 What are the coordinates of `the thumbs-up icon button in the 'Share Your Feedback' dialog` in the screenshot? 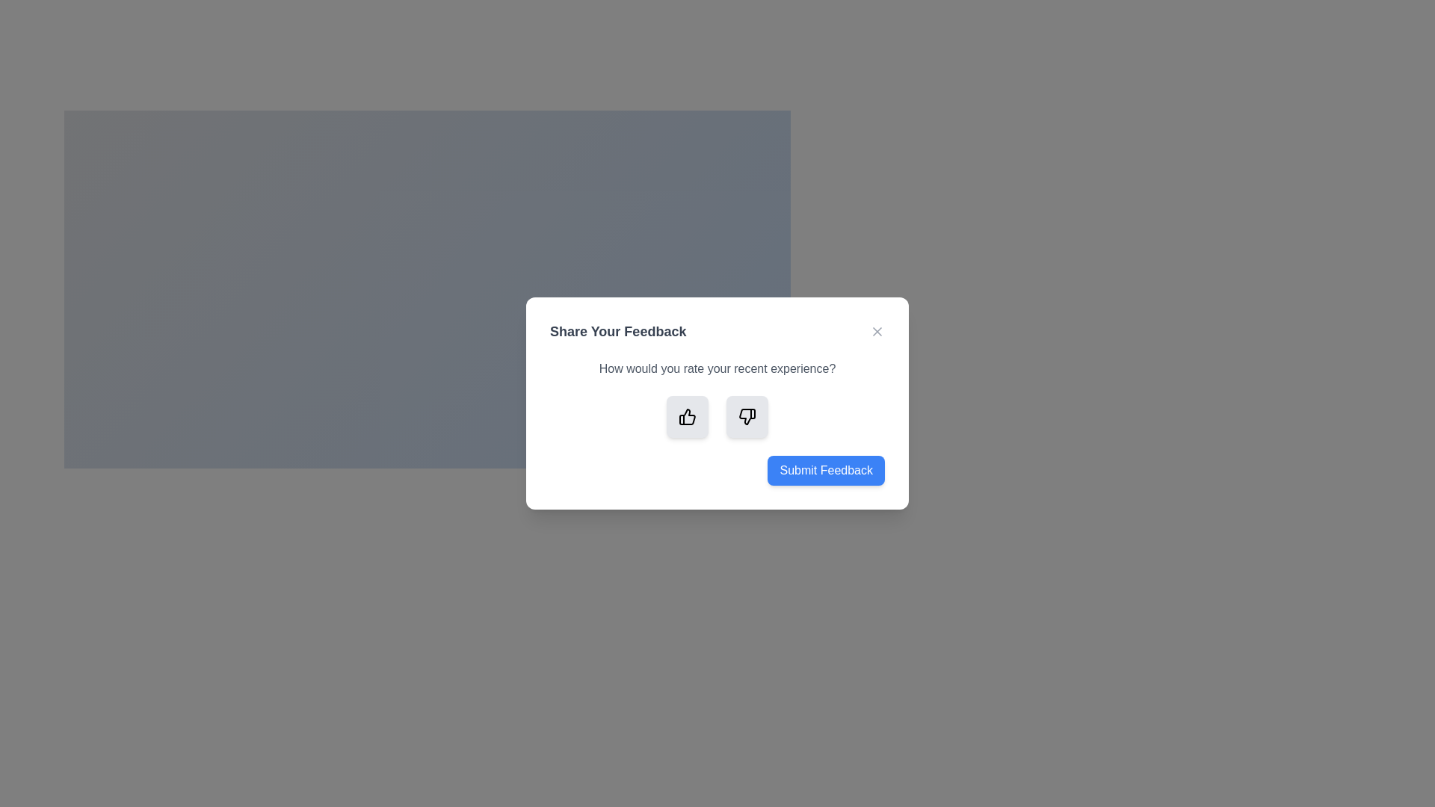 It's located at (686, 417).